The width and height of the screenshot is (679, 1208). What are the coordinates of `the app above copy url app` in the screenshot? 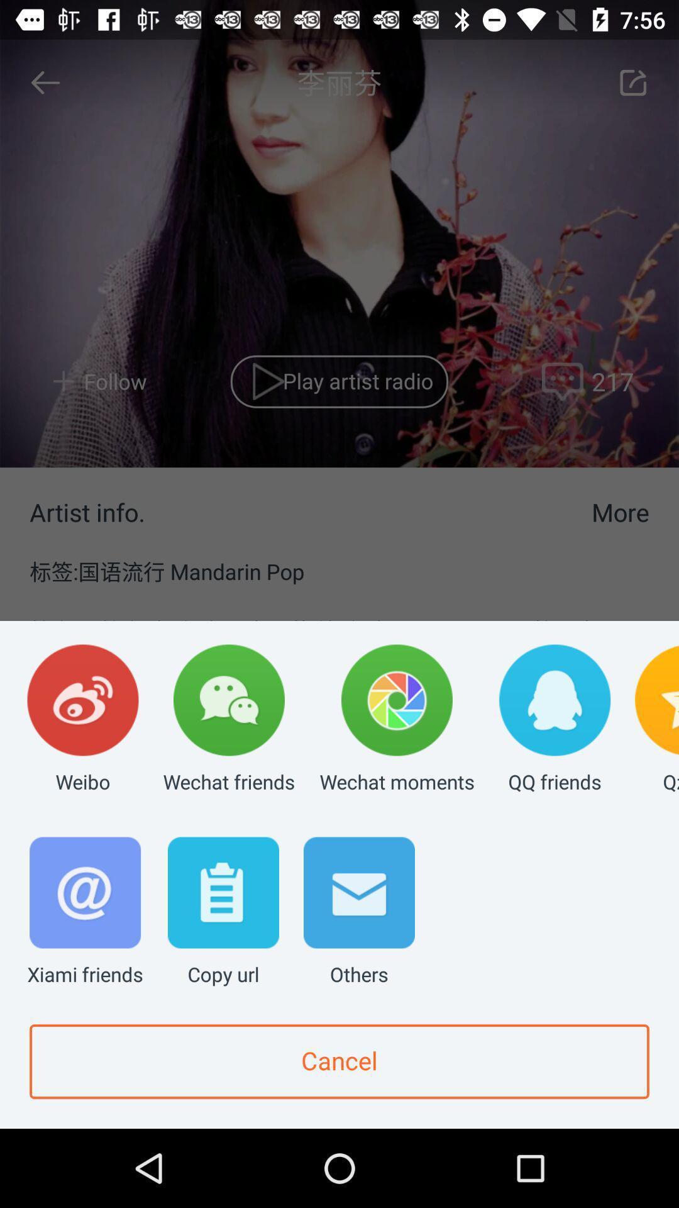 It's located at (229, 720).